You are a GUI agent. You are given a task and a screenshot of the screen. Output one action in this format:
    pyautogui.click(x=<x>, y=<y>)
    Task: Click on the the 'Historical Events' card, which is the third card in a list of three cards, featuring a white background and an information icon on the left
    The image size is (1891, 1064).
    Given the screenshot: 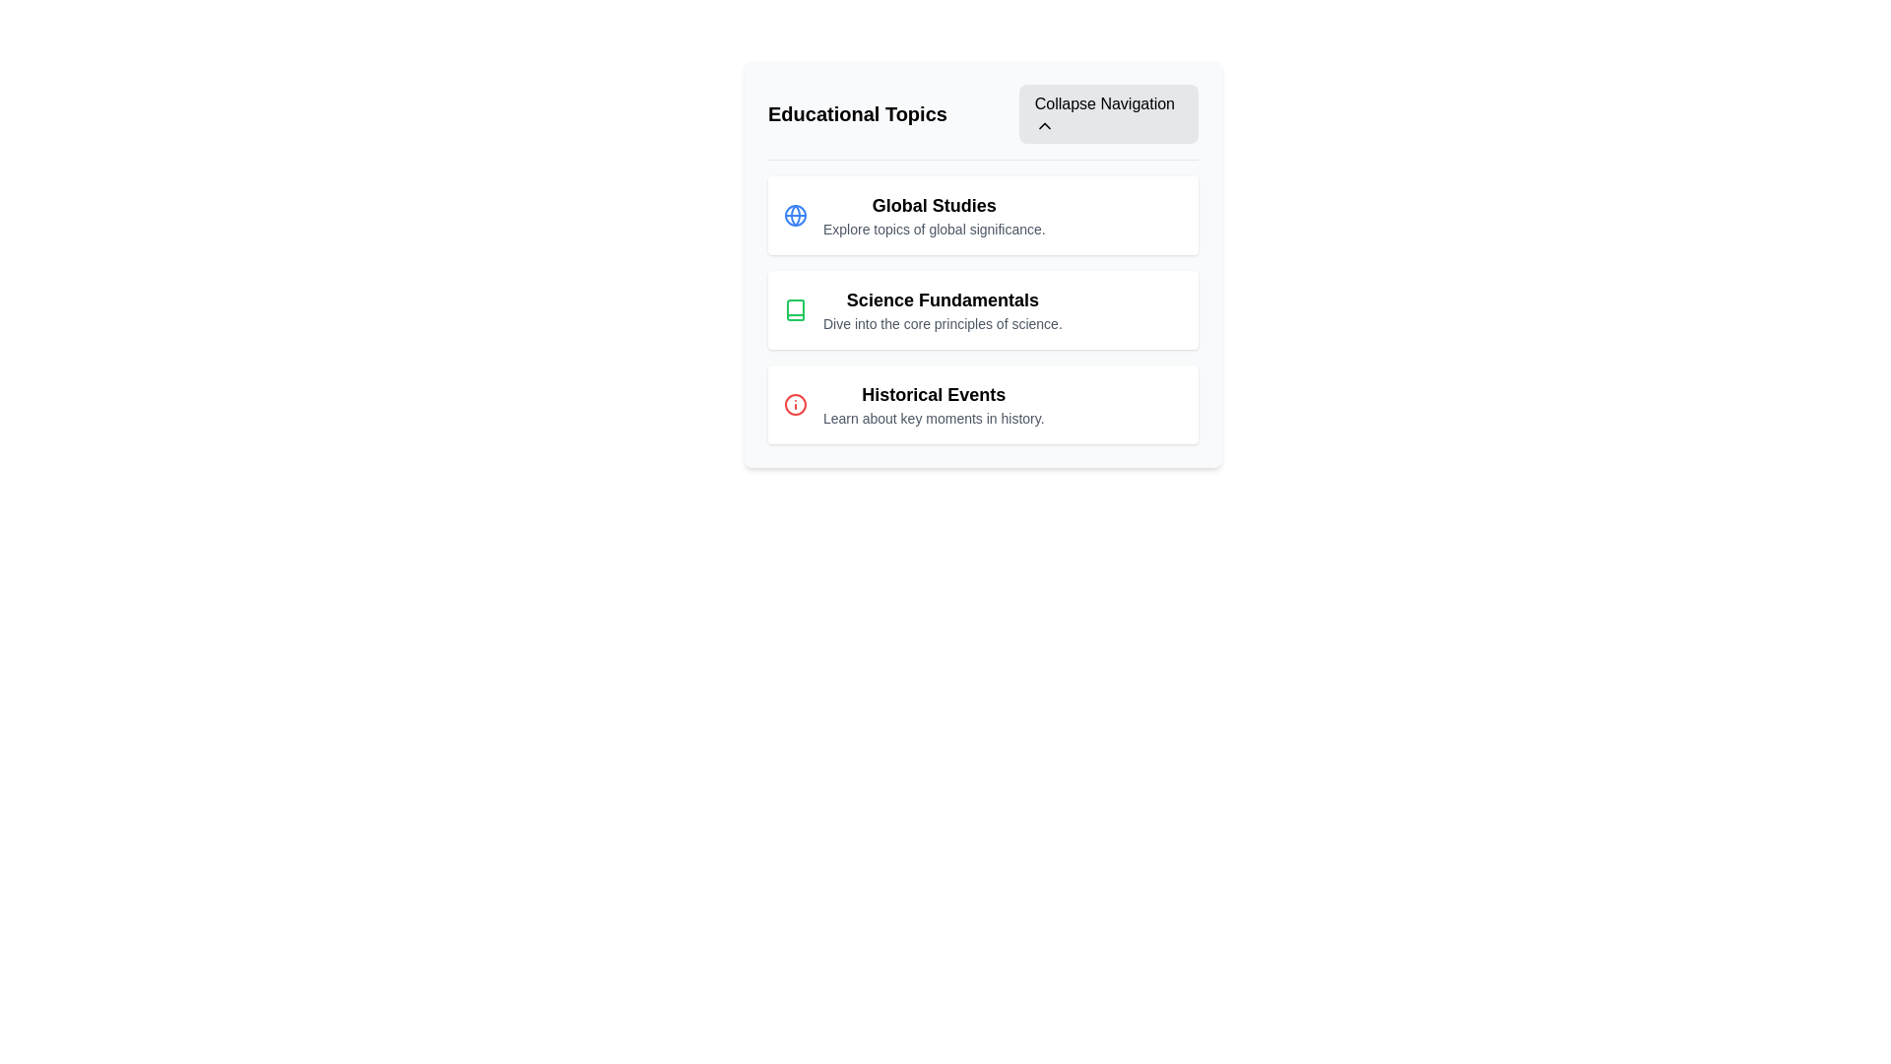 What is the action you would take?
    pyautogui.click(x=983, y=404)
    